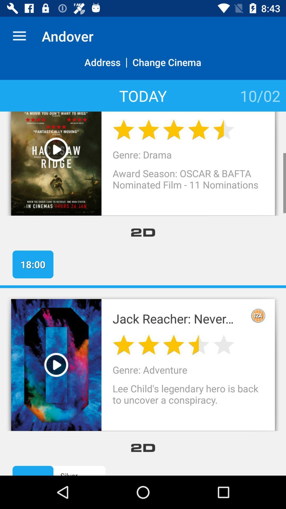  What do you see at coordinates (102, 67) in the screenshot?
I see `item above today icon` at bounding box center [102, 67].